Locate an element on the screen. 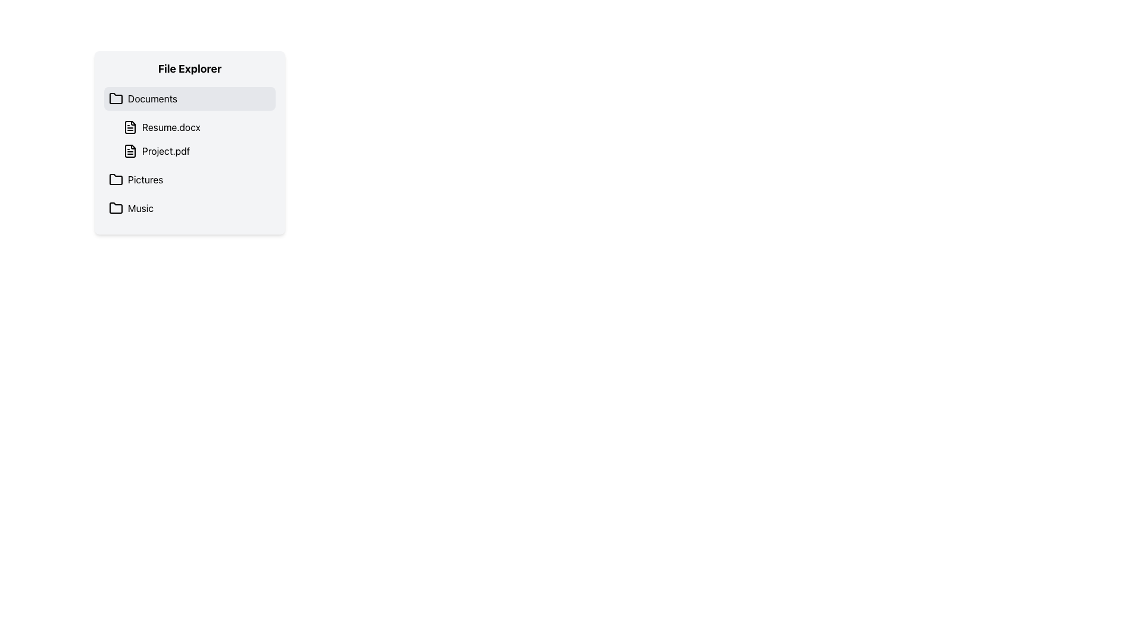 This screenshot has height=643, width=1143. the 'Documents' folder entry is located at coordinates (189, 98).